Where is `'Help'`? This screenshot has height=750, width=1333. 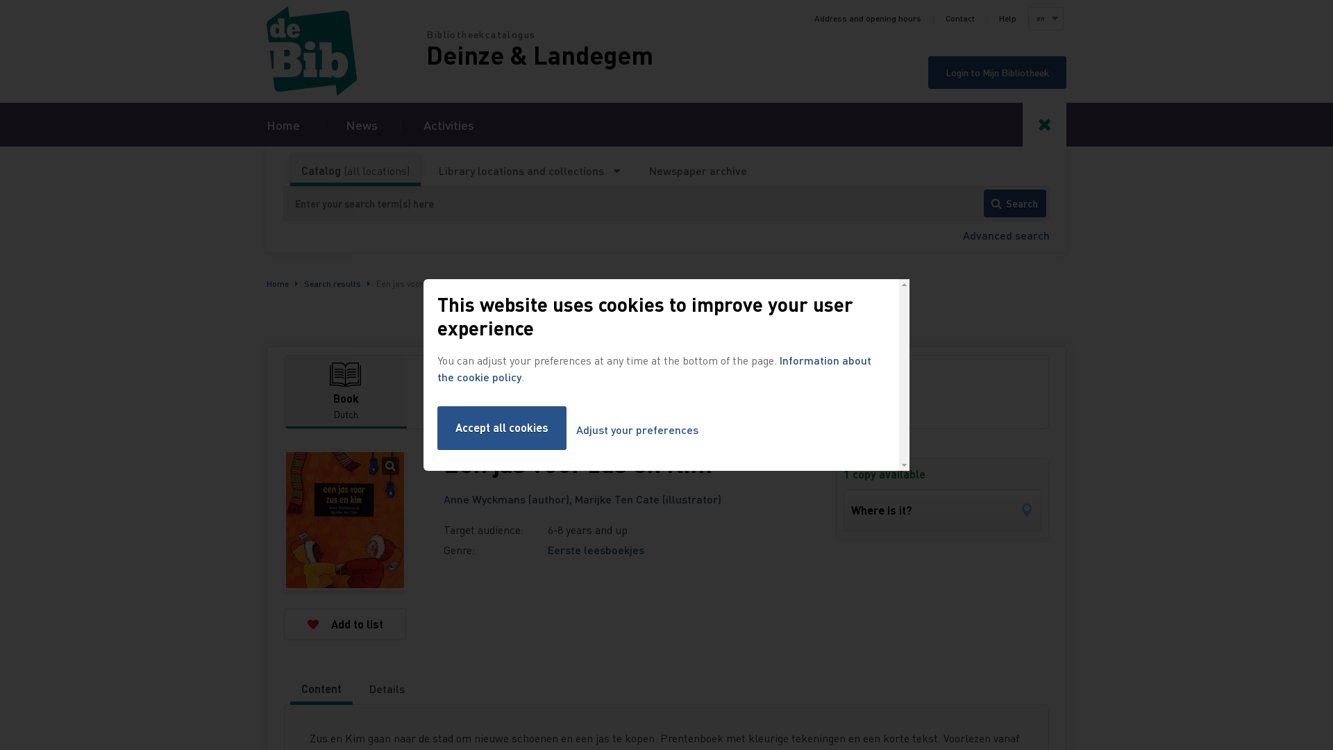 'Help' is located at coordinates (1007, 19).